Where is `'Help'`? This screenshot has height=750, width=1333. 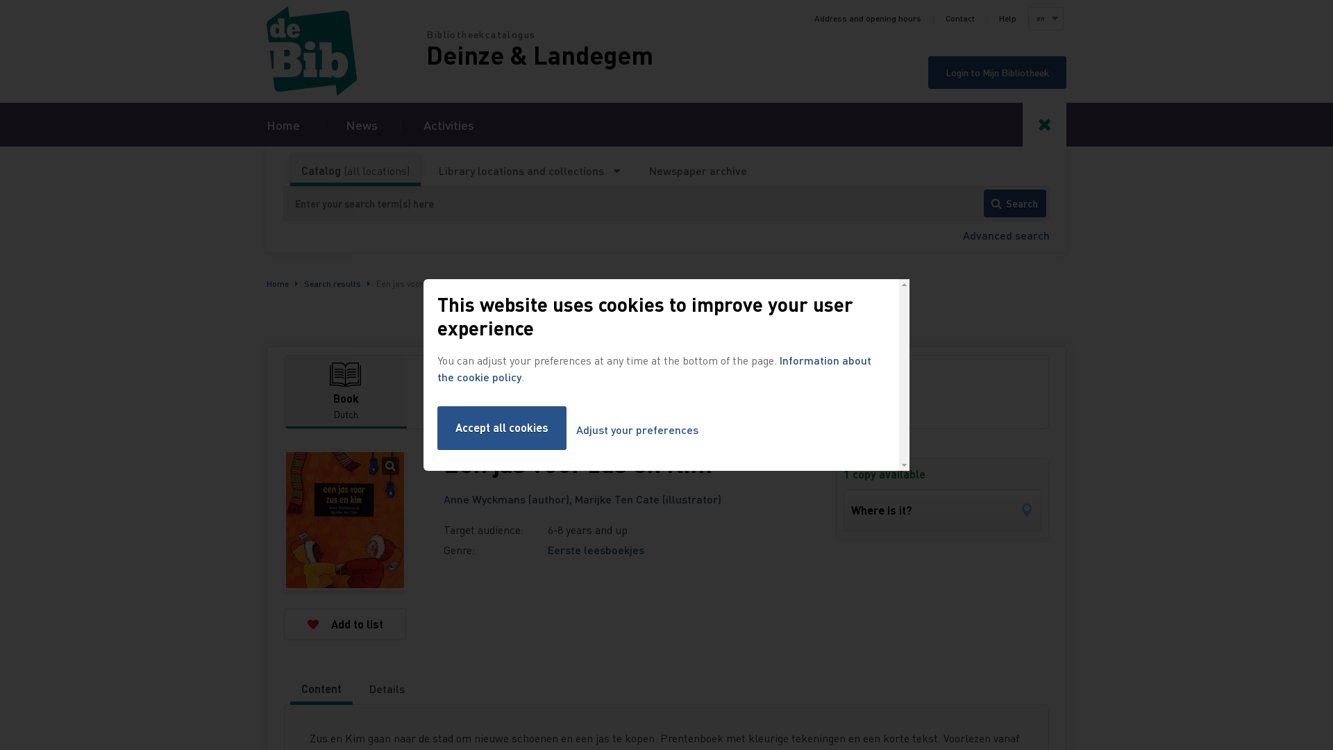 'Help' is located at coordinates (1007, 19).